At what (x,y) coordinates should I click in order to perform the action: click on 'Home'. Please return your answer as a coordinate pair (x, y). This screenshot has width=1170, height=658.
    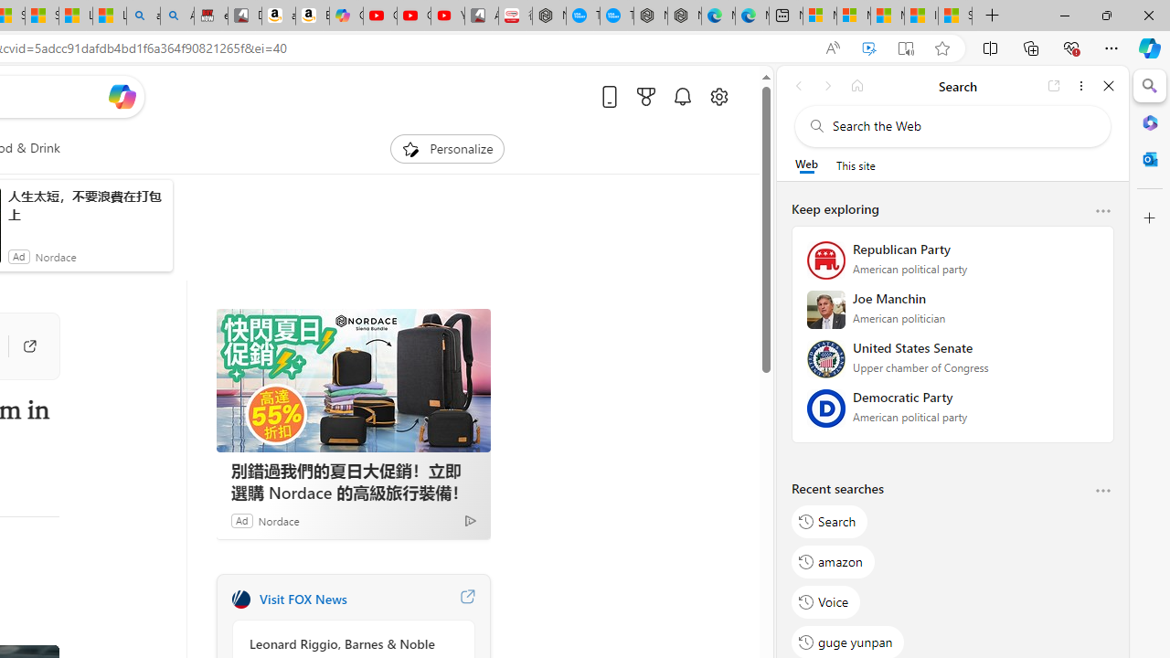
    Looking at the image, I should click on (856, 85).